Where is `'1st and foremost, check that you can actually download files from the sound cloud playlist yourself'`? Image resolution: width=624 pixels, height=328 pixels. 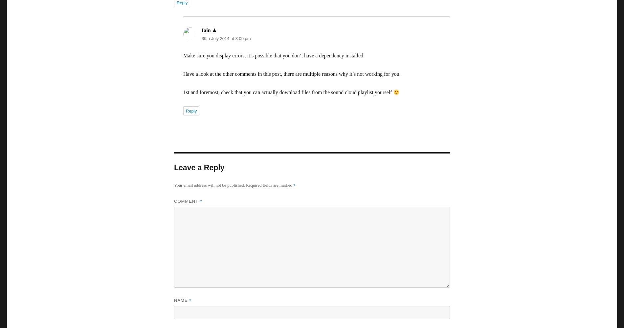 '1st and foremost, check that you can actually download files from the sound cloud playlist yourself' is located at coordinates (288, 92).